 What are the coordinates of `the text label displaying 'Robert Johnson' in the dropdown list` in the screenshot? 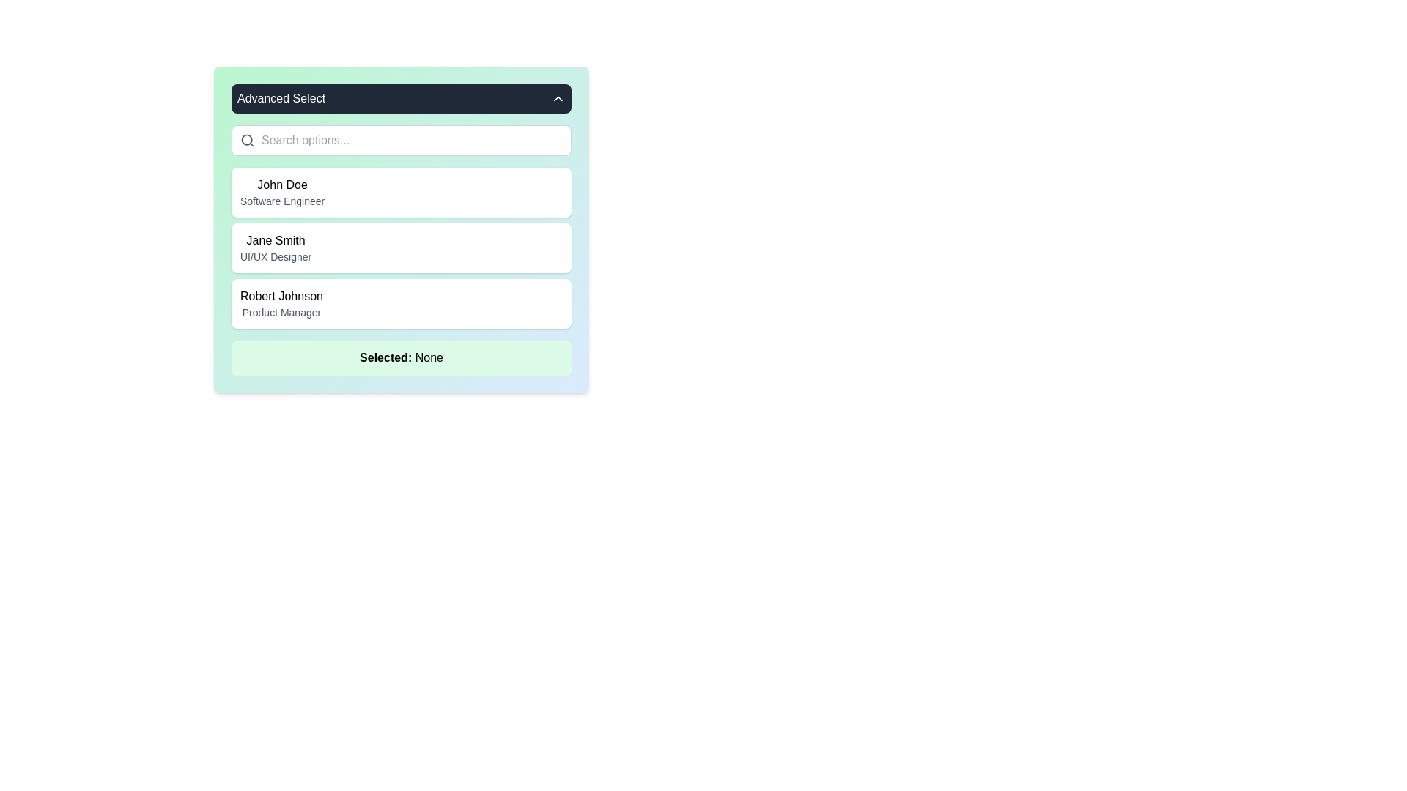 It's located at (281, 297).